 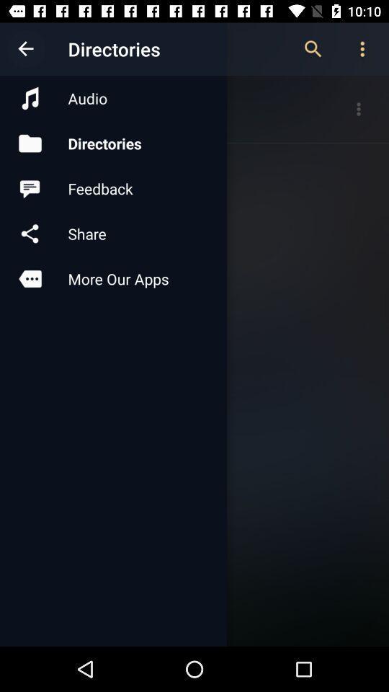 I want to click on the share icon, so click(x=112, y=234).